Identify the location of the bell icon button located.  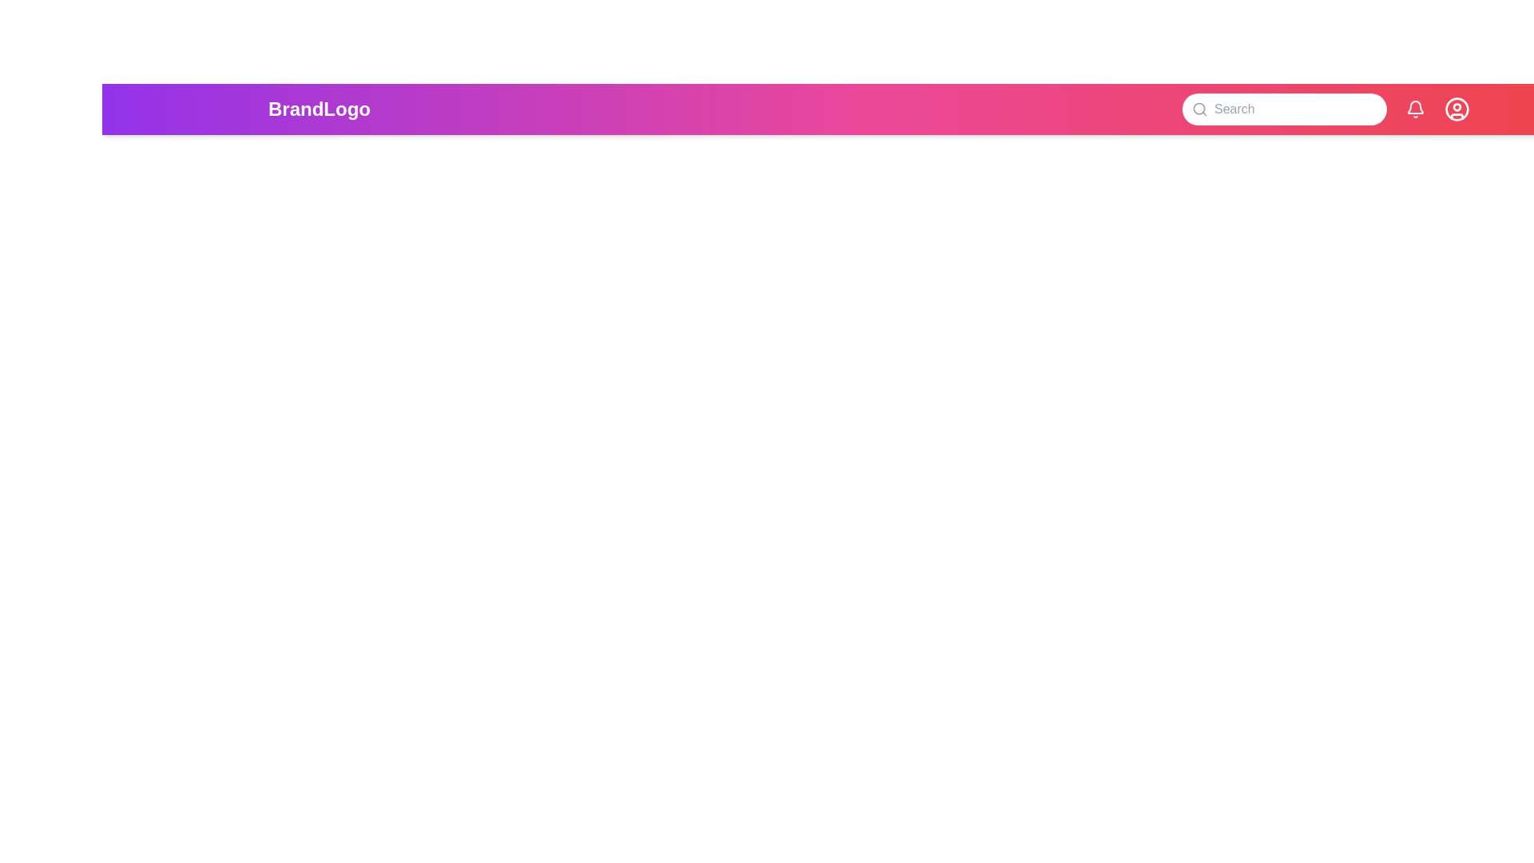
(1415, 109).